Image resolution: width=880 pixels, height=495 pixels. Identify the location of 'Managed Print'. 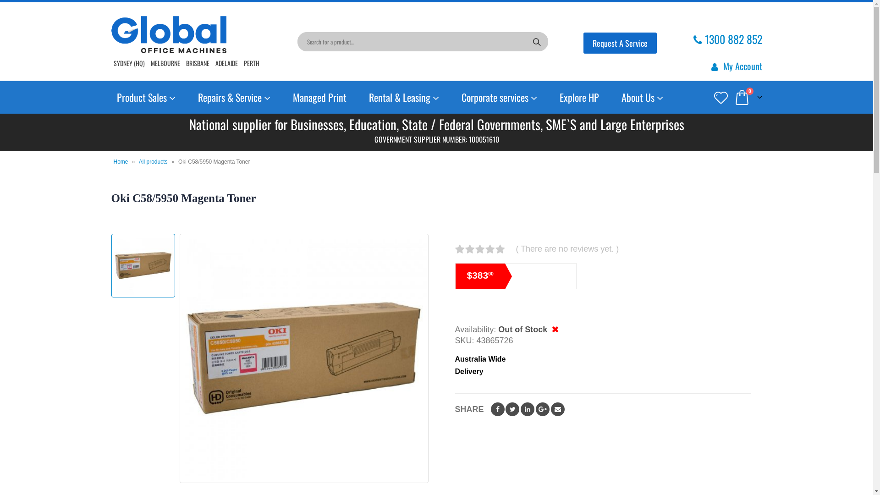
(319, 97).